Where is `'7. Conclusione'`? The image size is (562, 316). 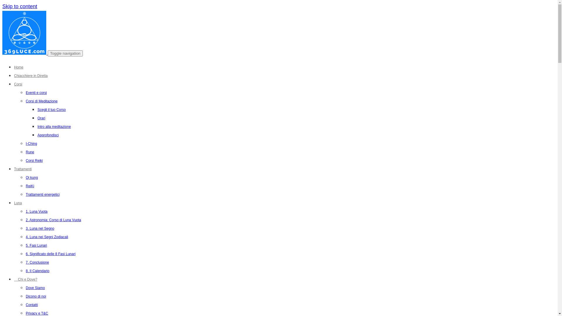 '7. Conclusione' is located at coordinates (37, 262).